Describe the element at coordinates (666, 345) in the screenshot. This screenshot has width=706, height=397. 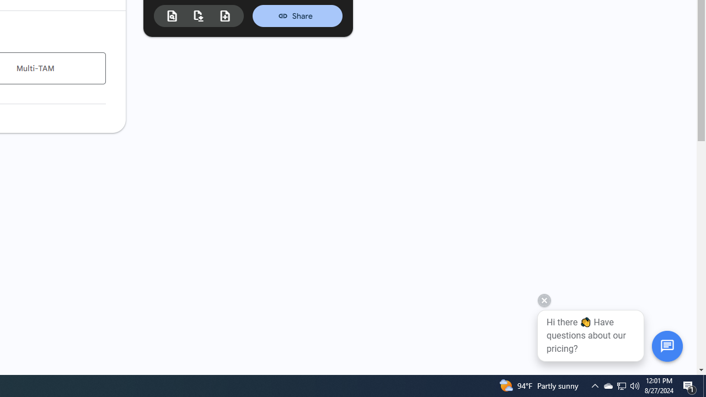
I see `'Button to activate chat'` at that location.